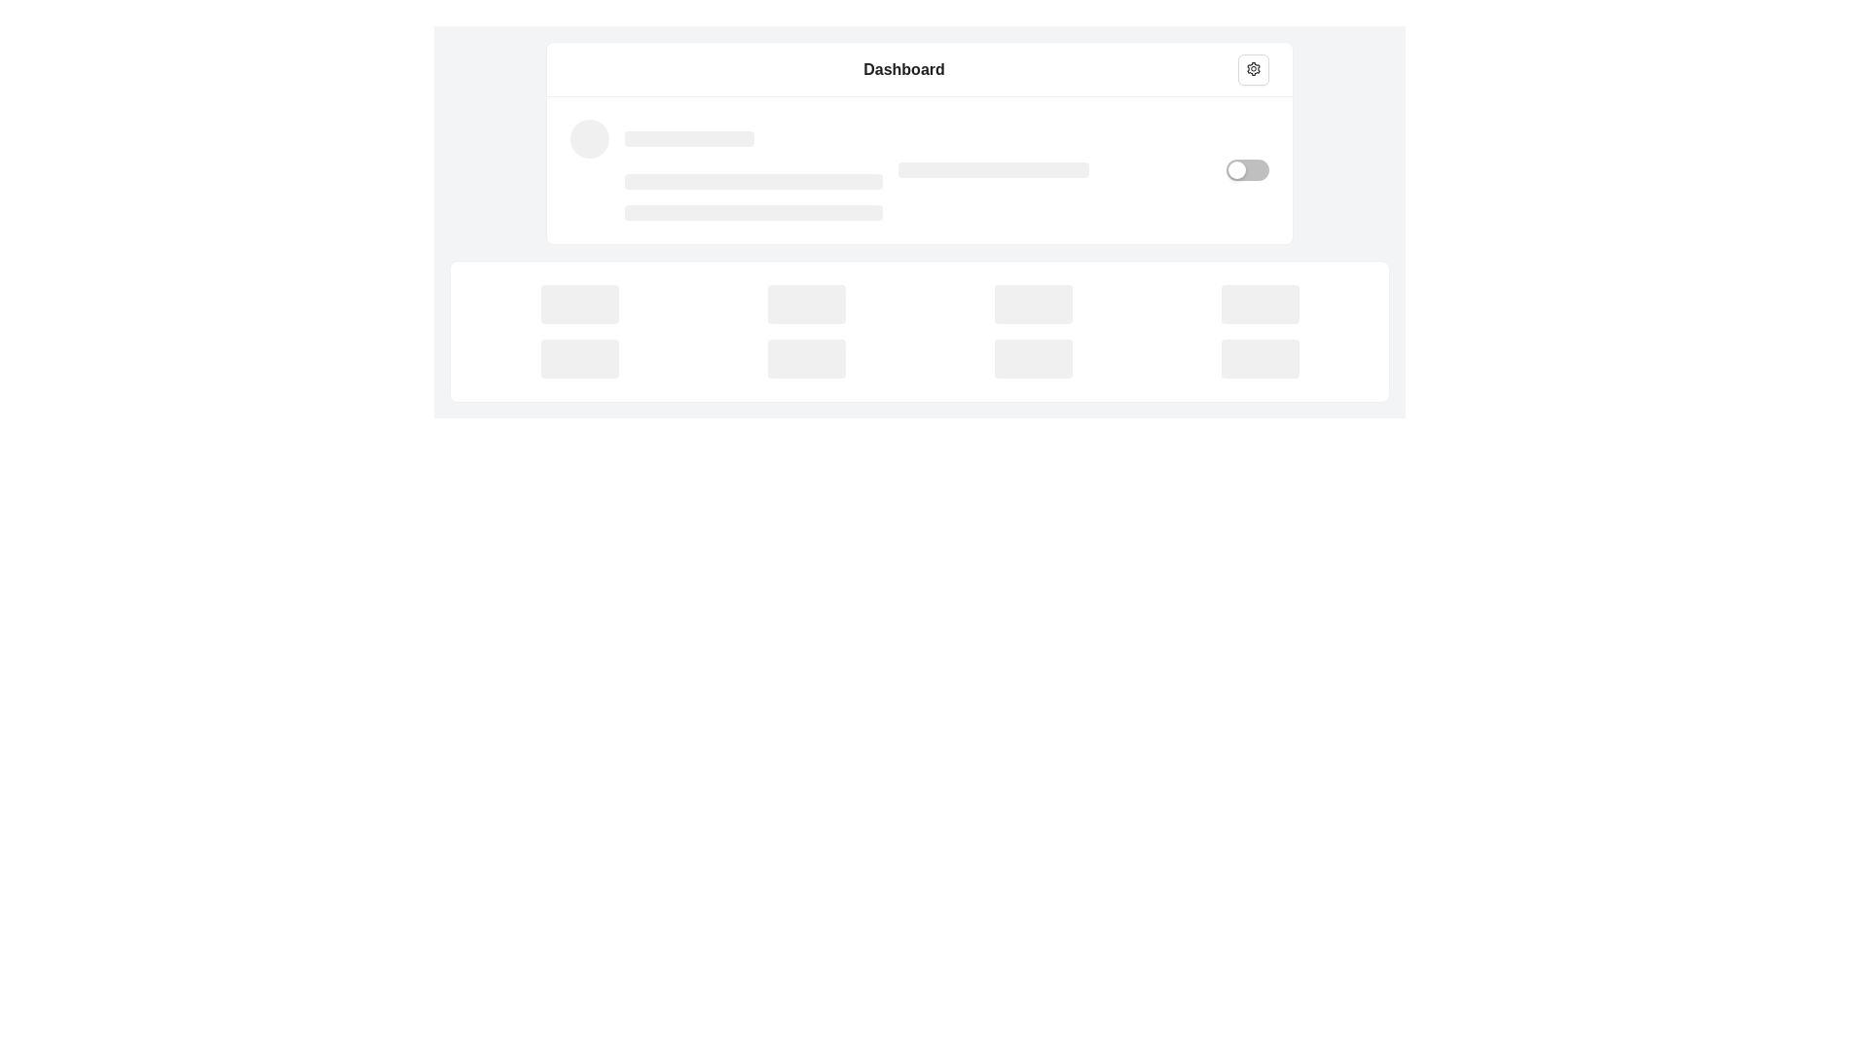  What do you see at coordinates (806, 304) in the screenshot?
I see `the Skeleton loading component styled as a placeholder button located in the first row and second column of the grid layout, which visually indicates where the actual component will be displayed during loading` at bounding box center [806, 304].